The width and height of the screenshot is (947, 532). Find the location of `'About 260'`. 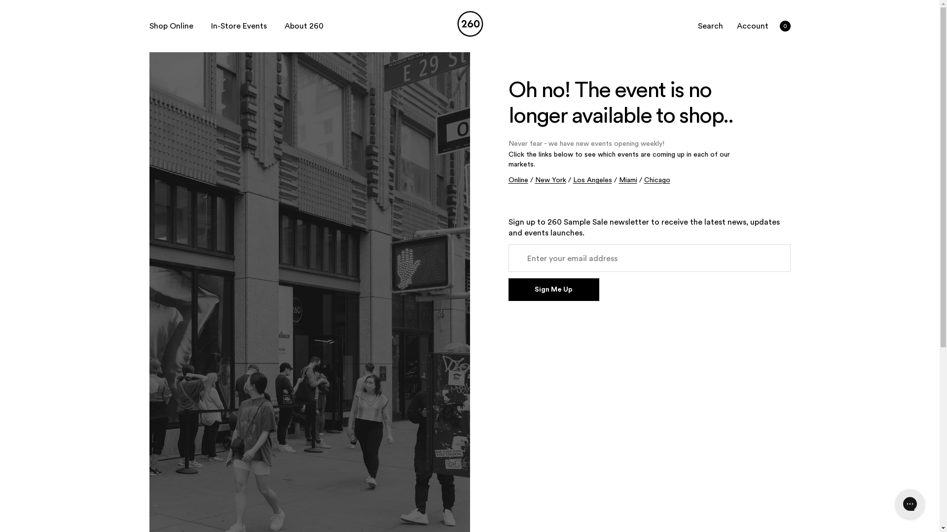

'About 260' is located at coordinates (303, 26).